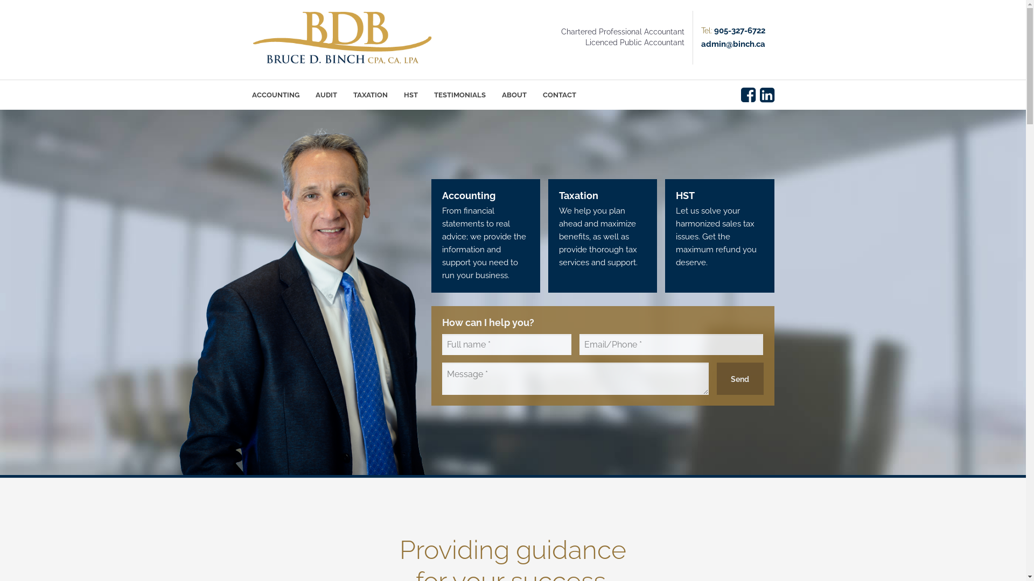  I want to click on 'Send', so click(739, 378).